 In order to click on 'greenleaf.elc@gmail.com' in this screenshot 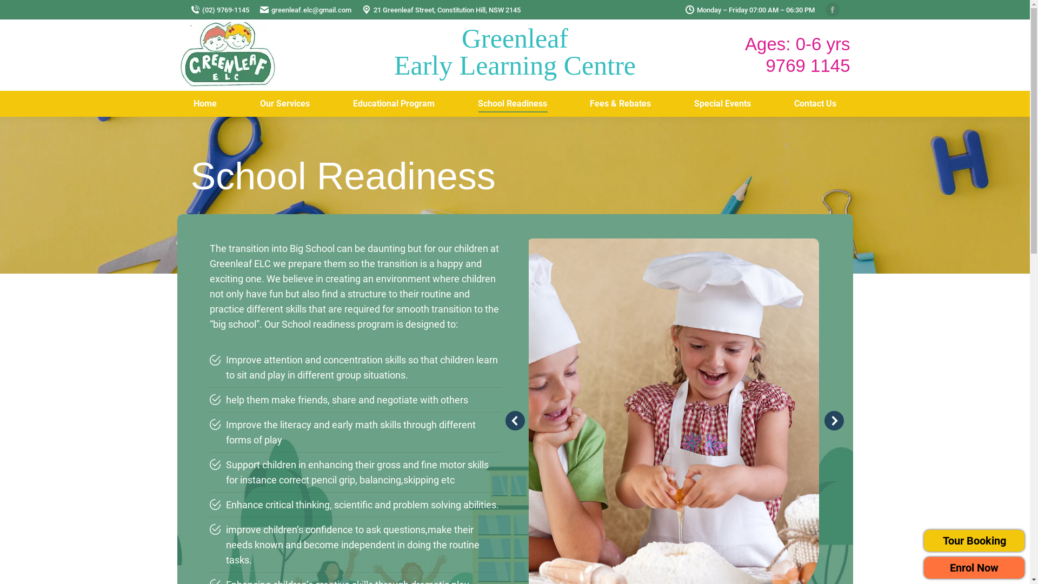, I will do `click(304, 9)`.